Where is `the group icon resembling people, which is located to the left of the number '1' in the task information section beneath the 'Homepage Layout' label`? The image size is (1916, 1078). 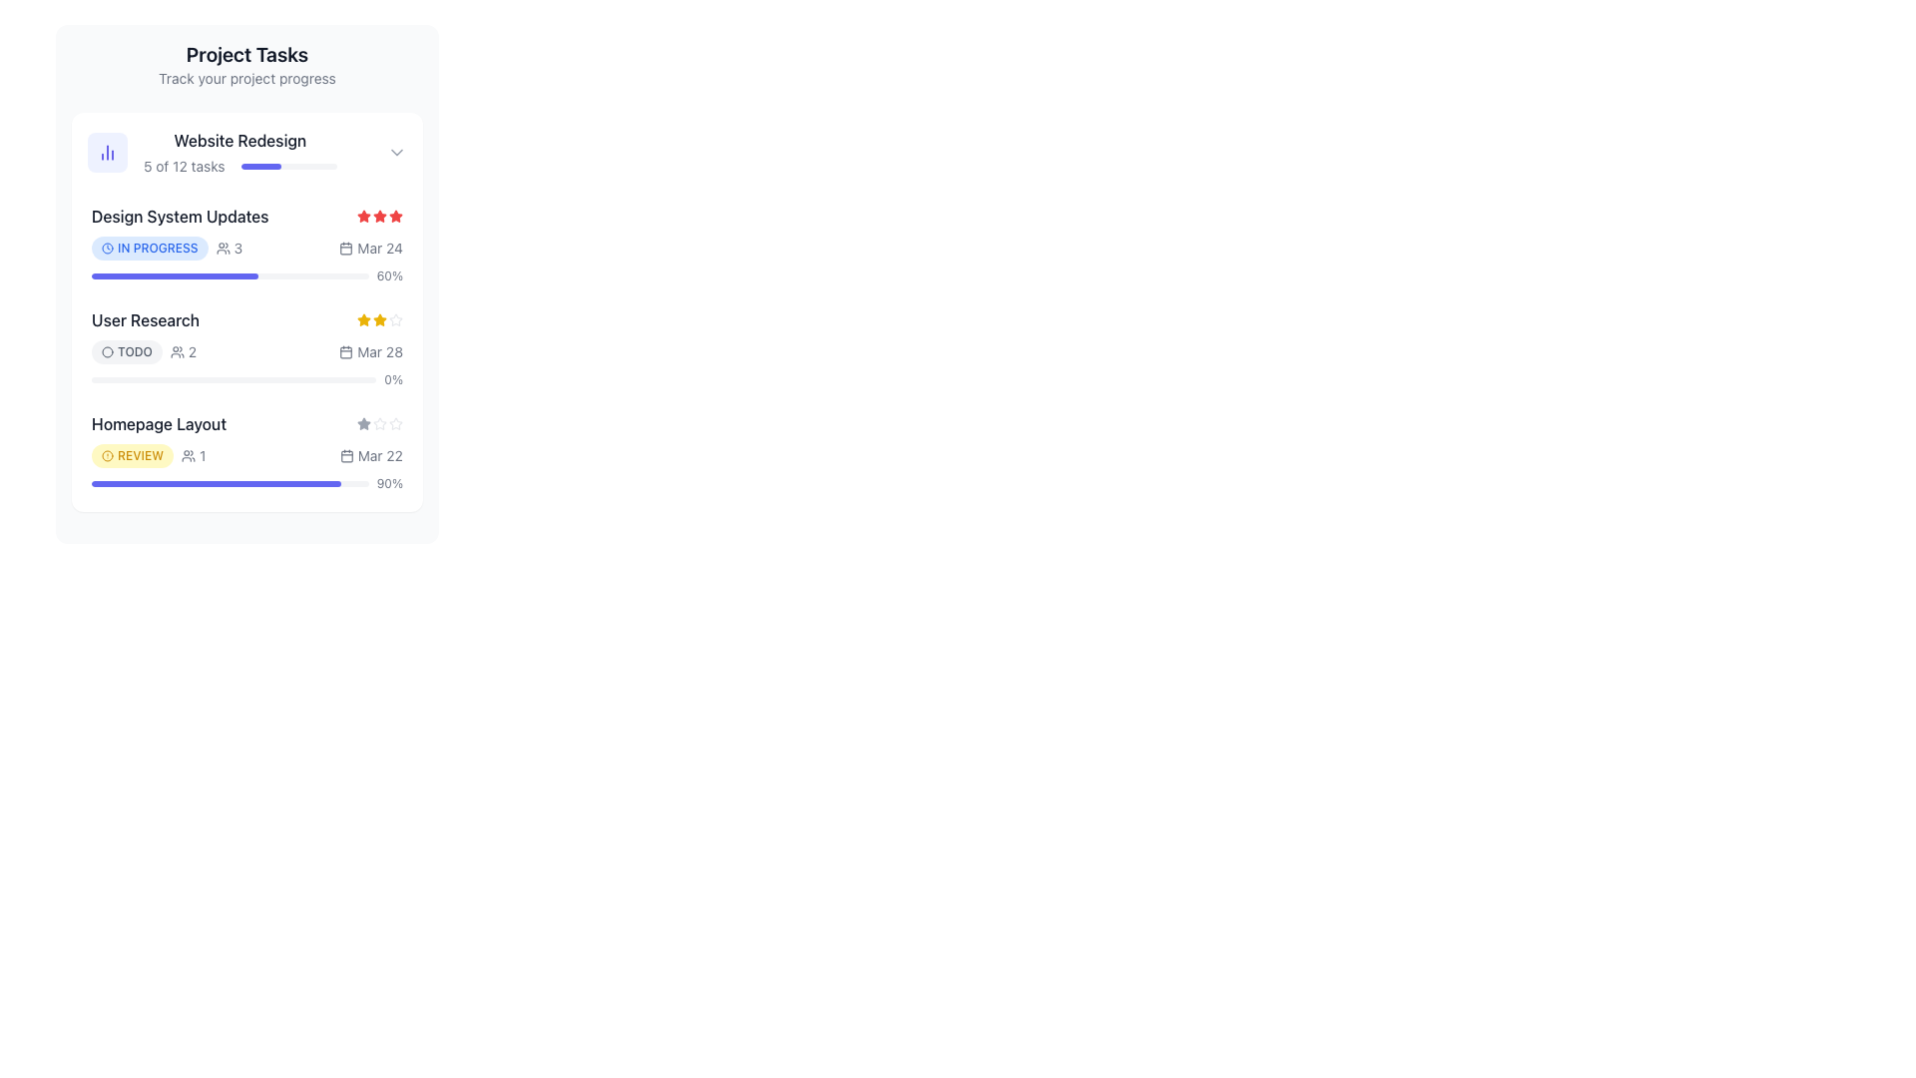
the group icon resembling people, which is located to the left of the number '1' in the task information section beneath the 'Homepage Layout' label is located at coordinates (188, 455).